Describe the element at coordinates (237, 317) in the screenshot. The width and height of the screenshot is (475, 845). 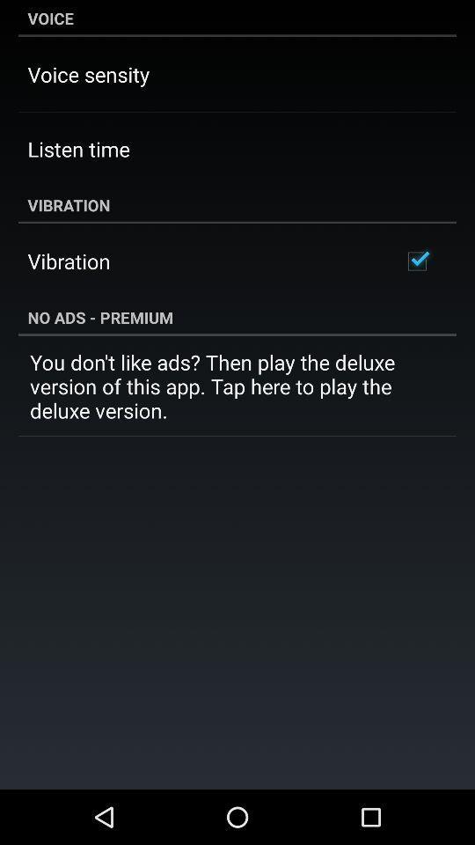
I see `the no ads - premium item` at that location.